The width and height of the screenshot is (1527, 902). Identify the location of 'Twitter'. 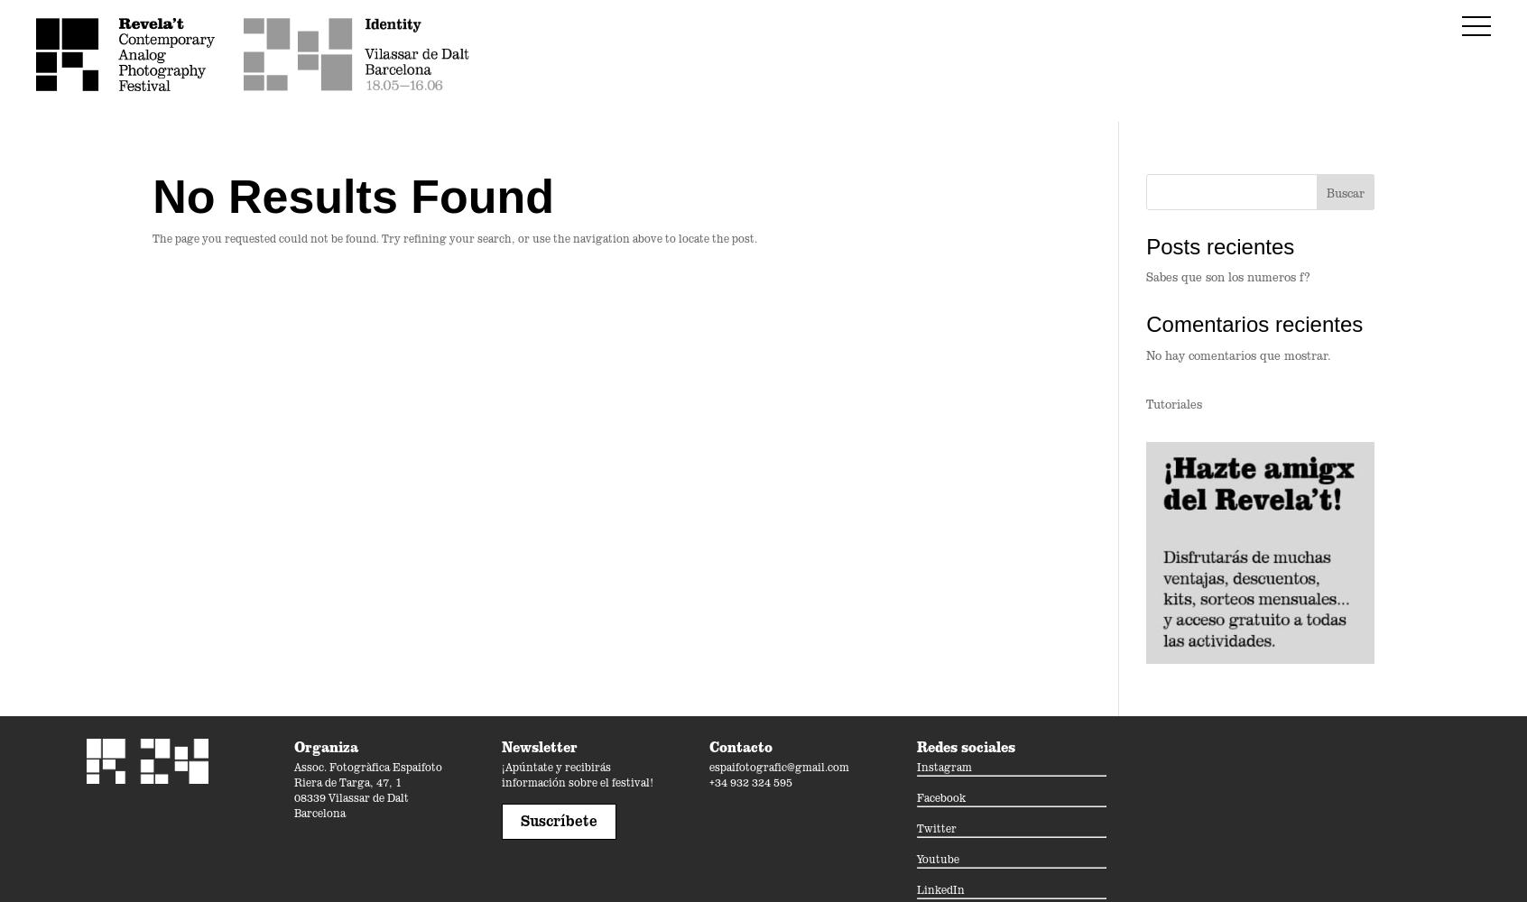
(936, 827).